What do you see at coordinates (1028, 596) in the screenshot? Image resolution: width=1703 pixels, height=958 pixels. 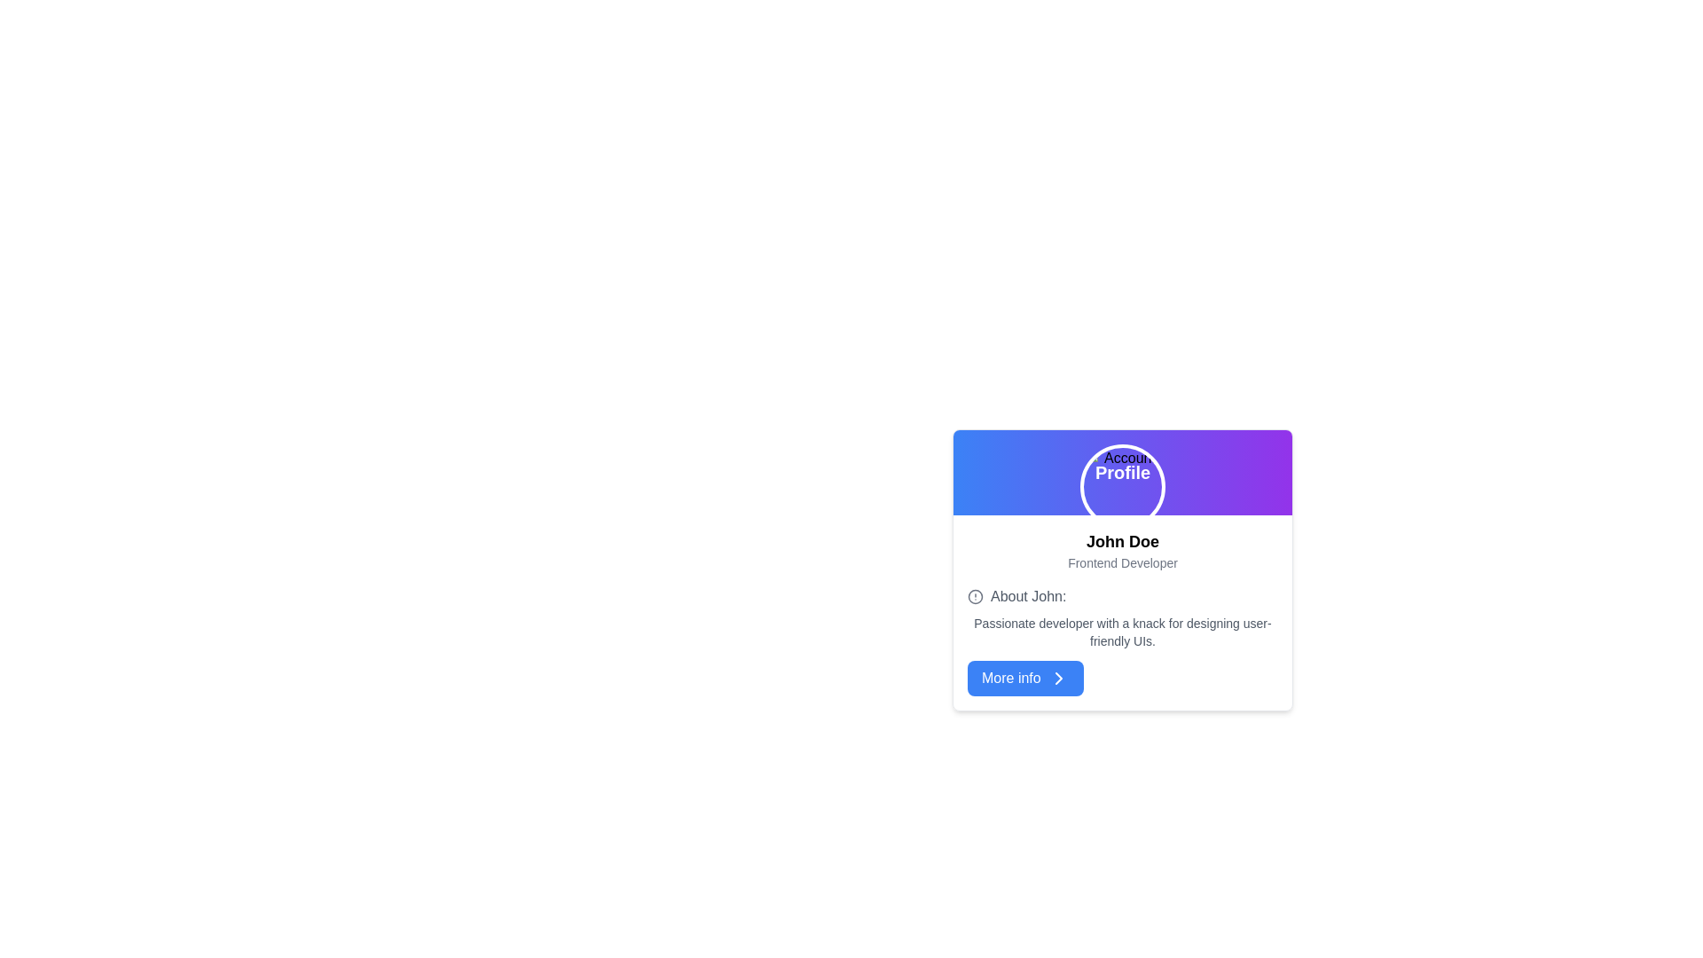 I see `text label that introduces or labels the content about John, positioned immediately to the right of an alert-style icon, below 'John Doe' and above a descriptive paragraph` at bounding box center [1028, 596].